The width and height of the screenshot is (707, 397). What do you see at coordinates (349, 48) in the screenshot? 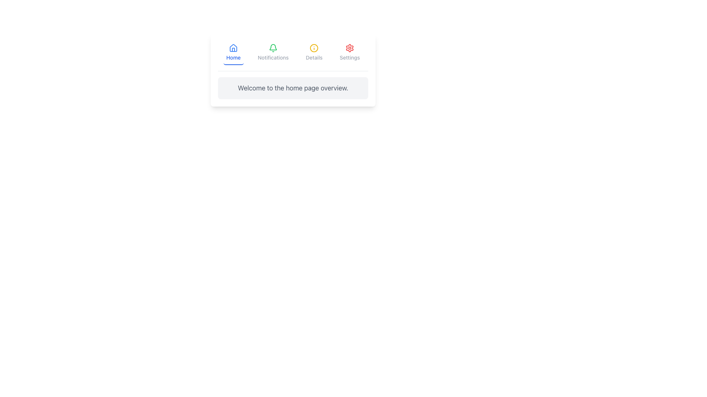
I see `the small, red, gear-like icon in the top-right area of the navigation bar, associated with the 'Settings' option` at bounding box center [349, 48].